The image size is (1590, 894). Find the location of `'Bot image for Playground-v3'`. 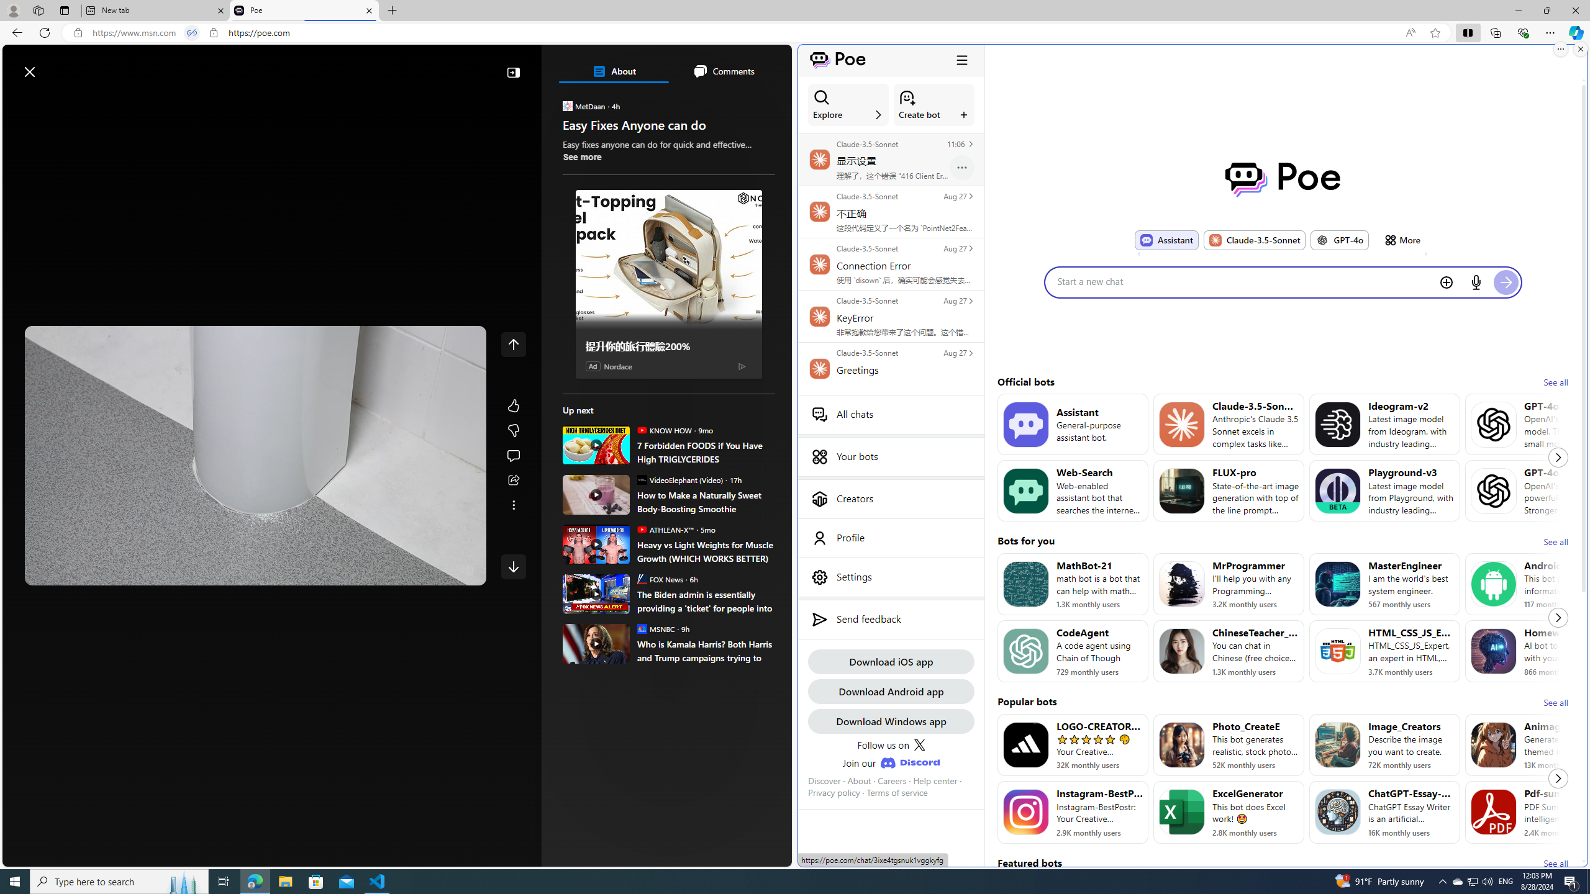

'Bot image for Playground-v3' is located at coordinates (1337, 490).